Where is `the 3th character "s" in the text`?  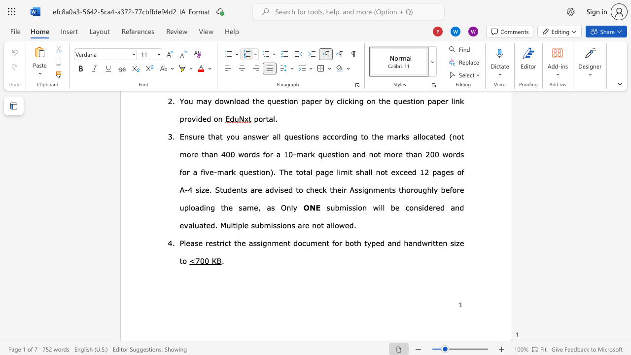 the 3th character "s" in the text is located at coordinates (354, 207).